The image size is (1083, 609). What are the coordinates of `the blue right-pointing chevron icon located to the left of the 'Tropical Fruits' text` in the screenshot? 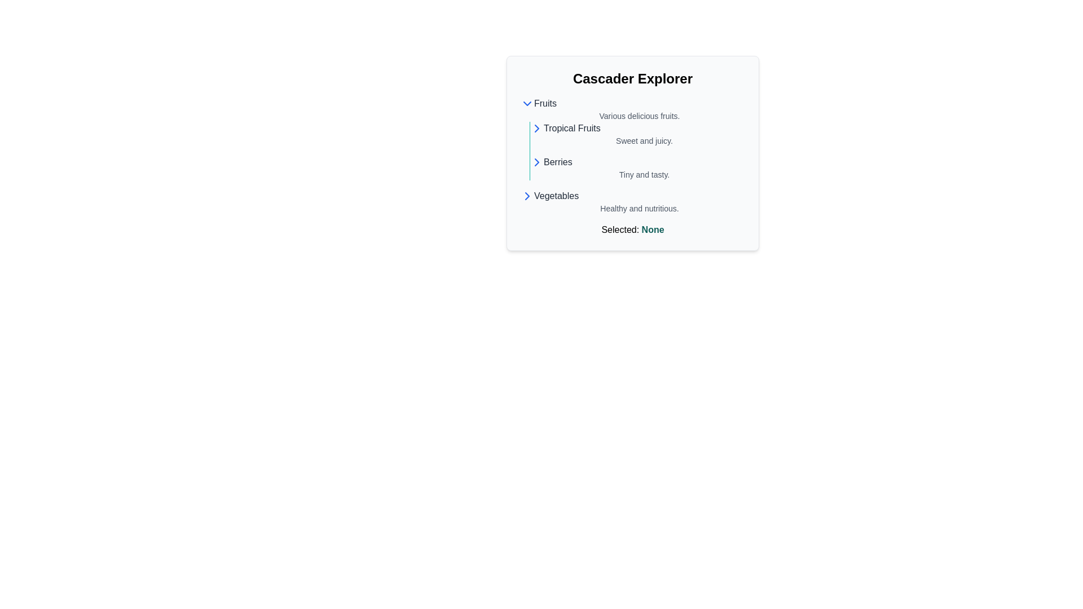 It's located at (536, 127).